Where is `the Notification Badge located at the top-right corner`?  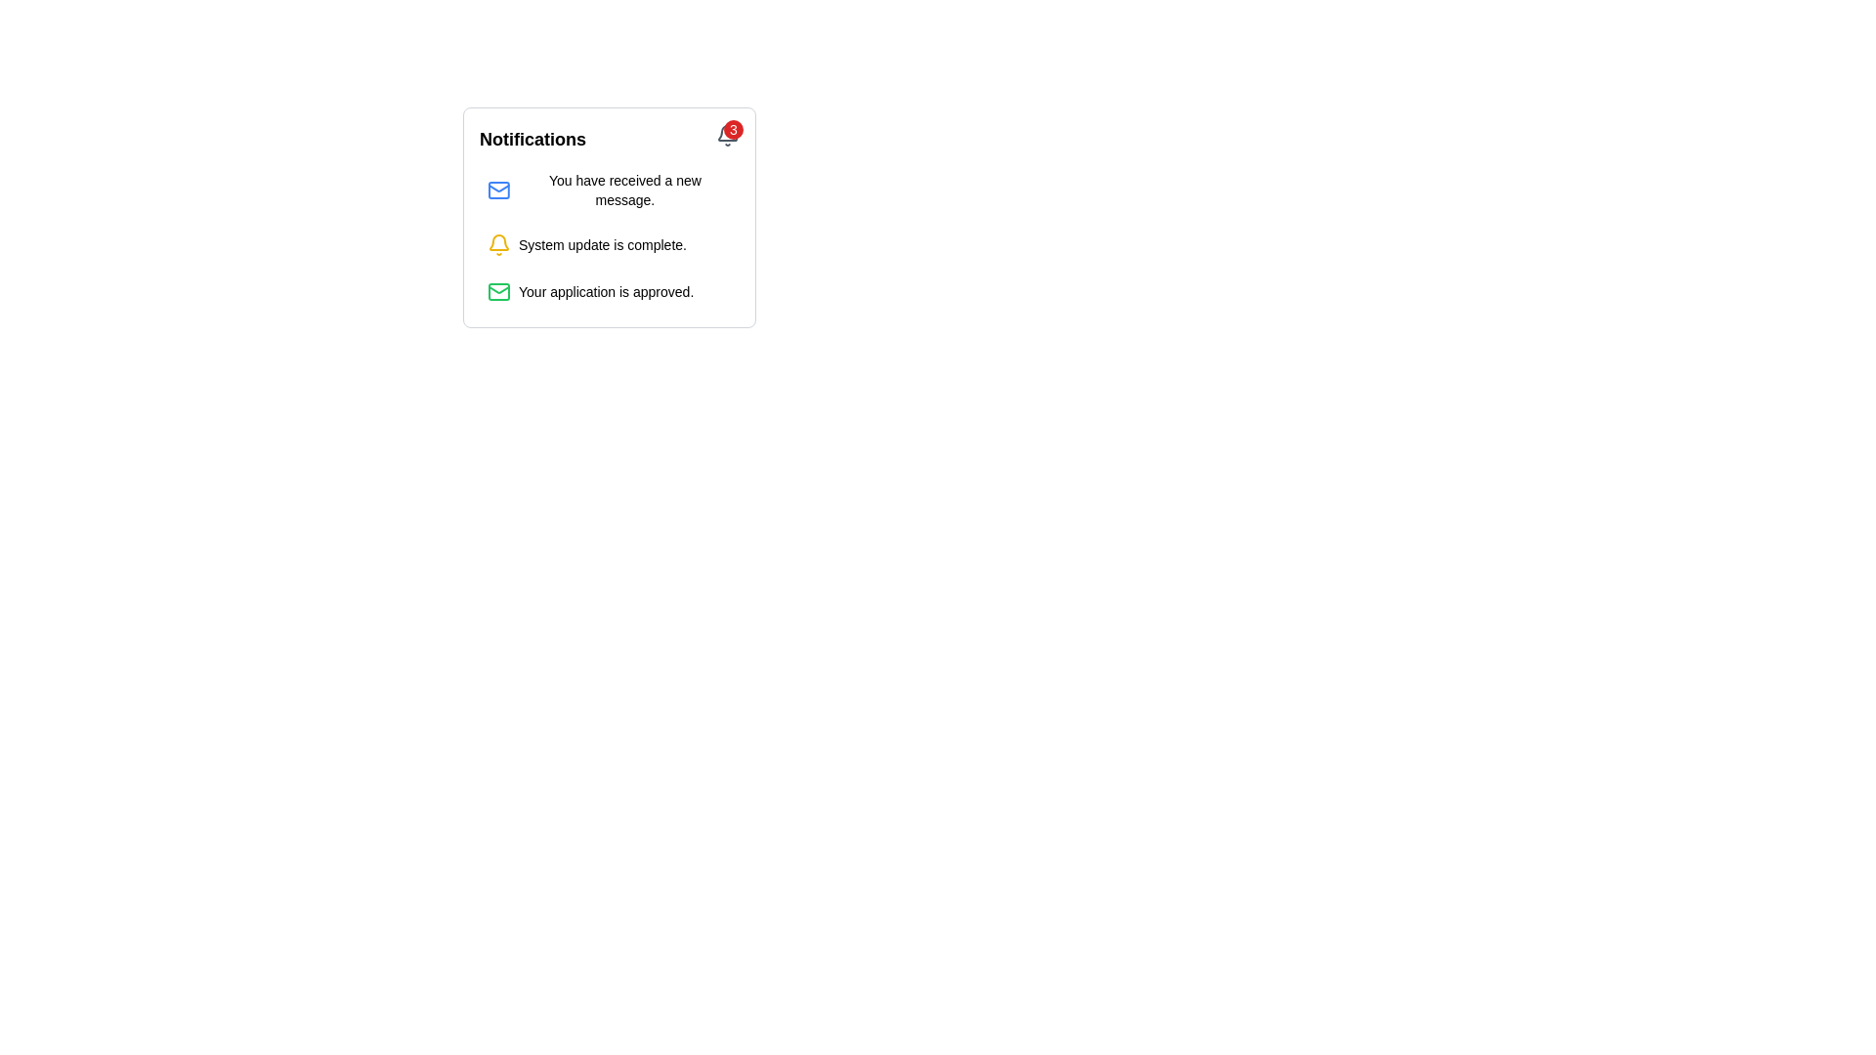 the Notification Badge located at the top-right corner is located at coordinates (732, 129).